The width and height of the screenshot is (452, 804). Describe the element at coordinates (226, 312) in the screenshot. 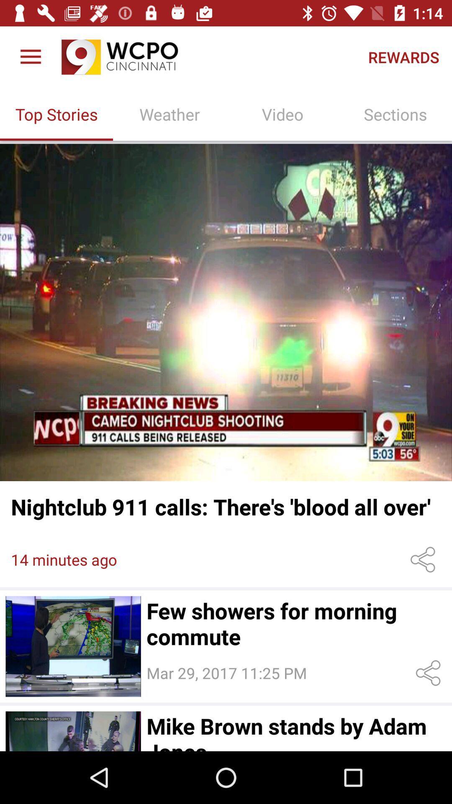

I see `read story` at that location.